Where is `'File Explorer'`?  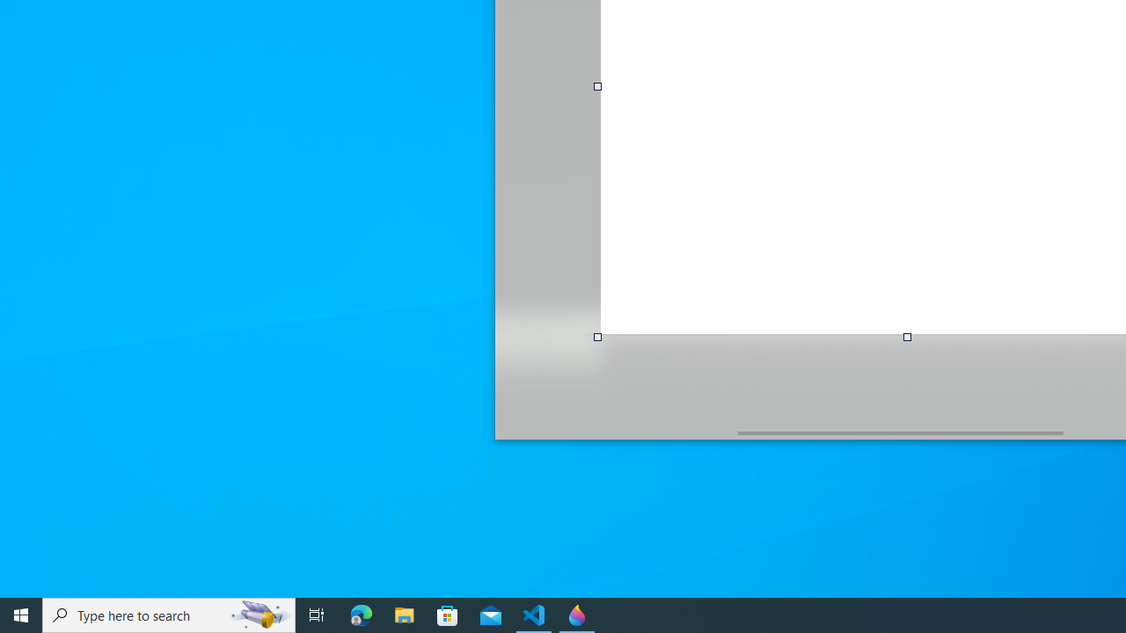 'File Explorer' is located at coordinates (404, 614).